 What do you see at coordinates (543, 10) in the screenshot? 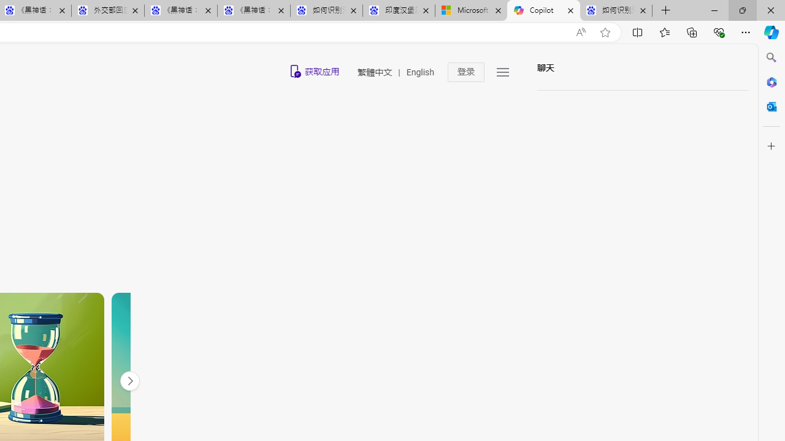
I see `'Copilot'` at bounding box center [543, 10].